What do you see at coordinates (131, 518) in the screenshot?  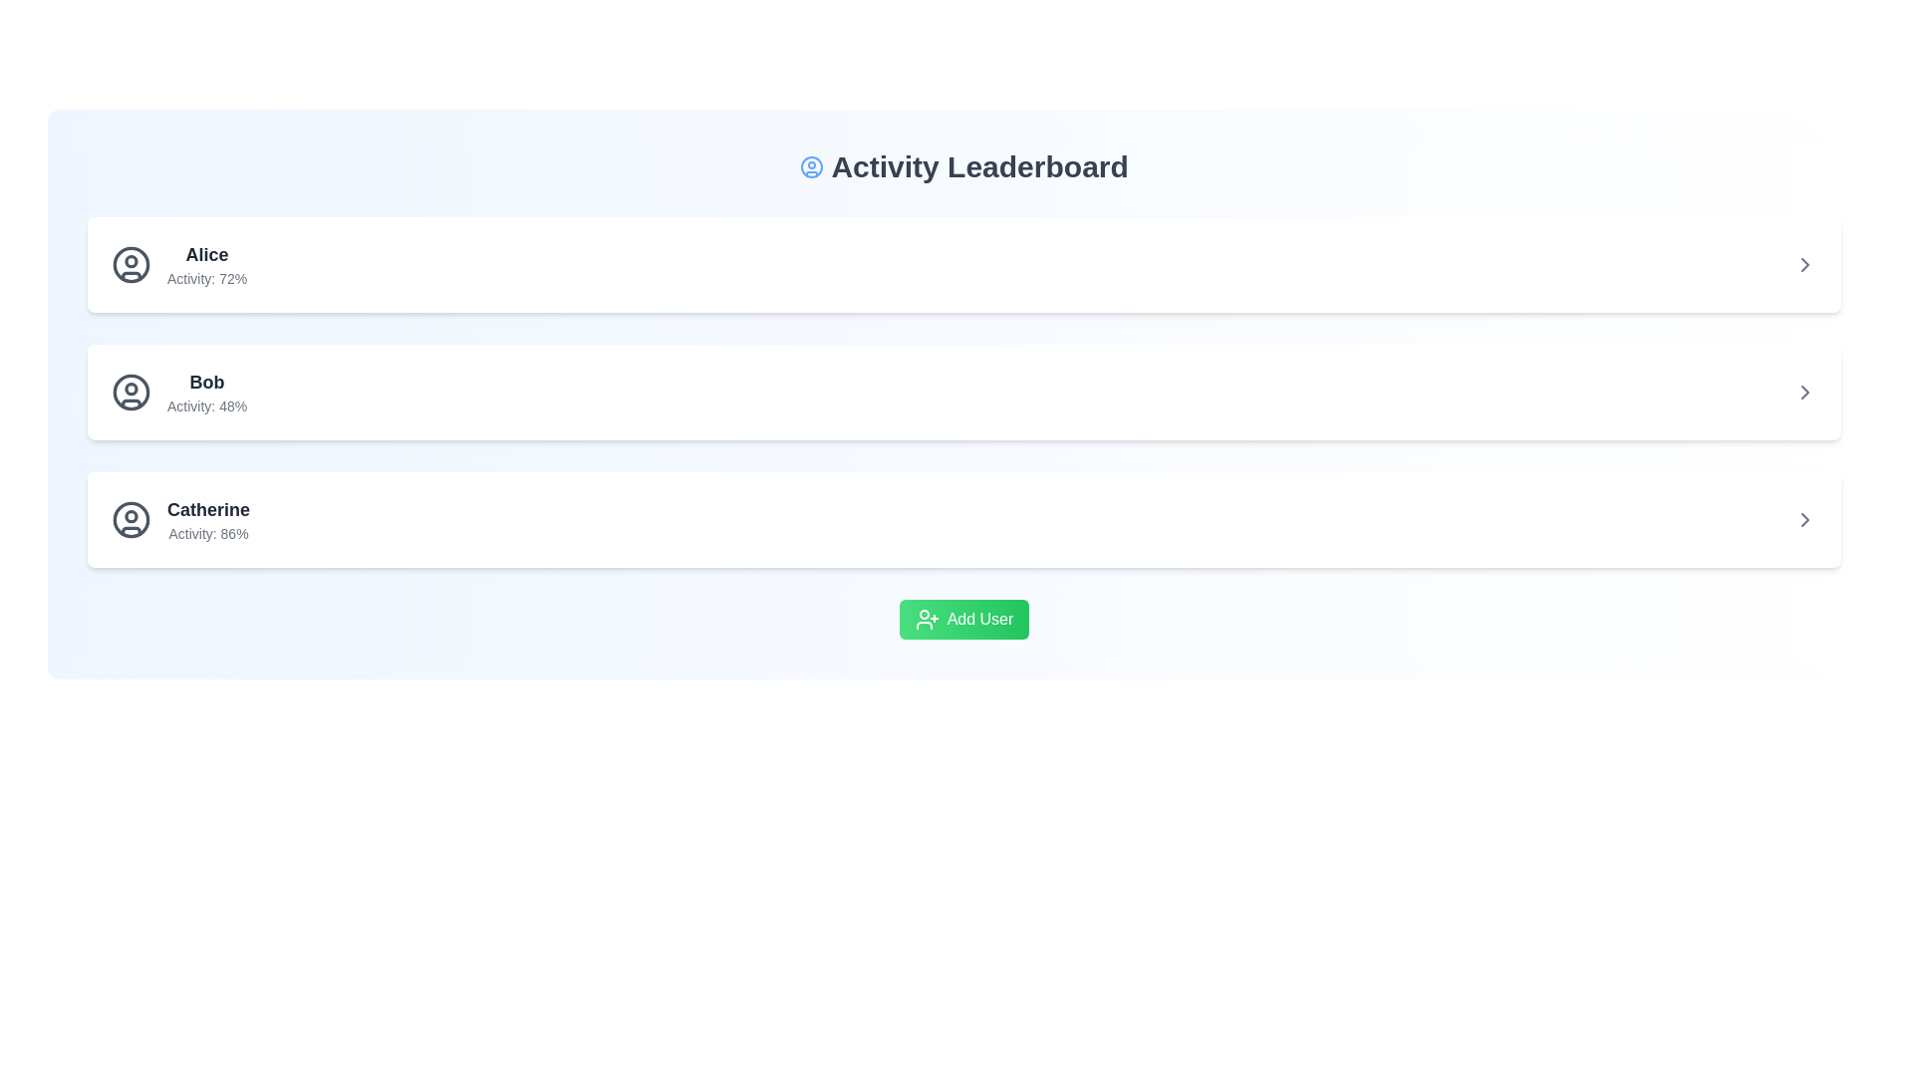 I see `the circular profile icon next to 'Catherine' in the leaderboard interface` at bounding box center [131, 518].